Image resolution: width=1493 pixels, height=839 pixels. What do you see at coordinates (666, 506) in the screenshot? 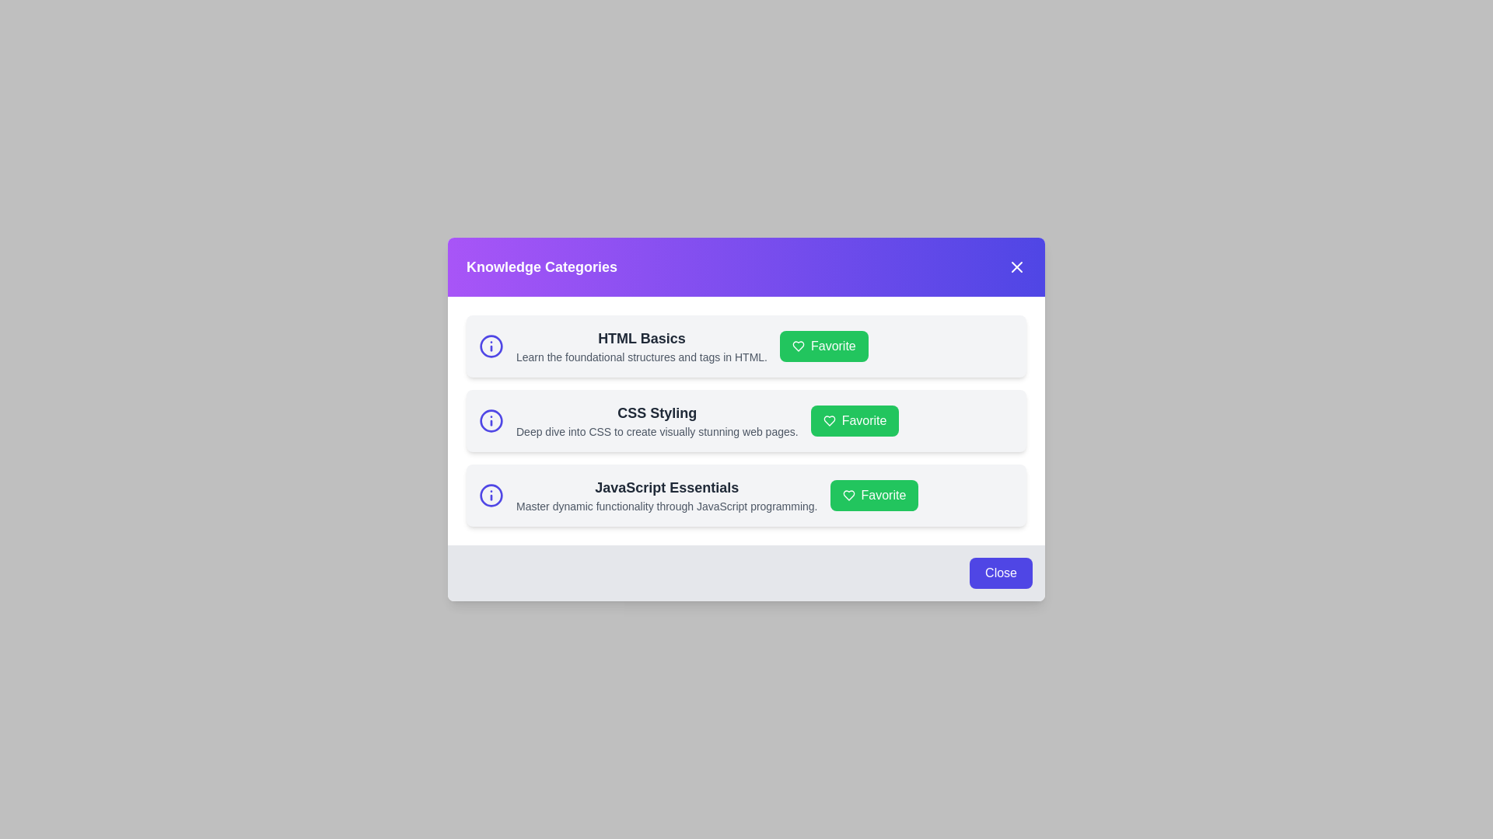
I see `static text element that displays 'Master dynamic functionality through JavaScript programming.' located below the title 'JavaScript Essentials' in the 'Knowledge Categories' modal dialog box` at bounding box center [666, 506].